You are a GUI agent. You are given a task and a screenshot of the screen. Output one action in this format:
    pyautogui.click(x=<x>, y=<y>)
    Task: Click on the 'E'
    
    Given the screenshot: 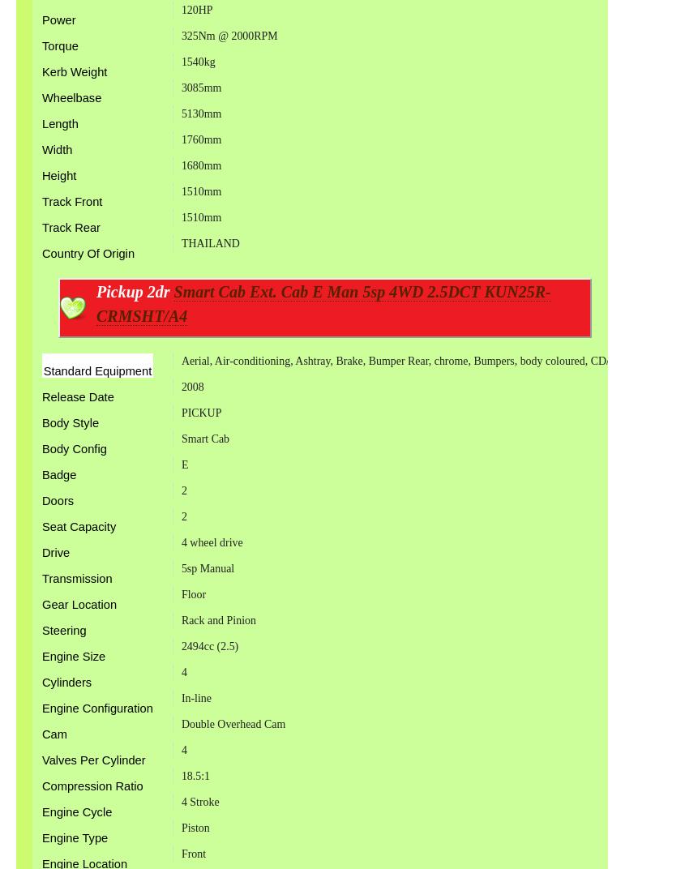 What is the action you would take?
    pyautogui.click(x=179, y=463)
    